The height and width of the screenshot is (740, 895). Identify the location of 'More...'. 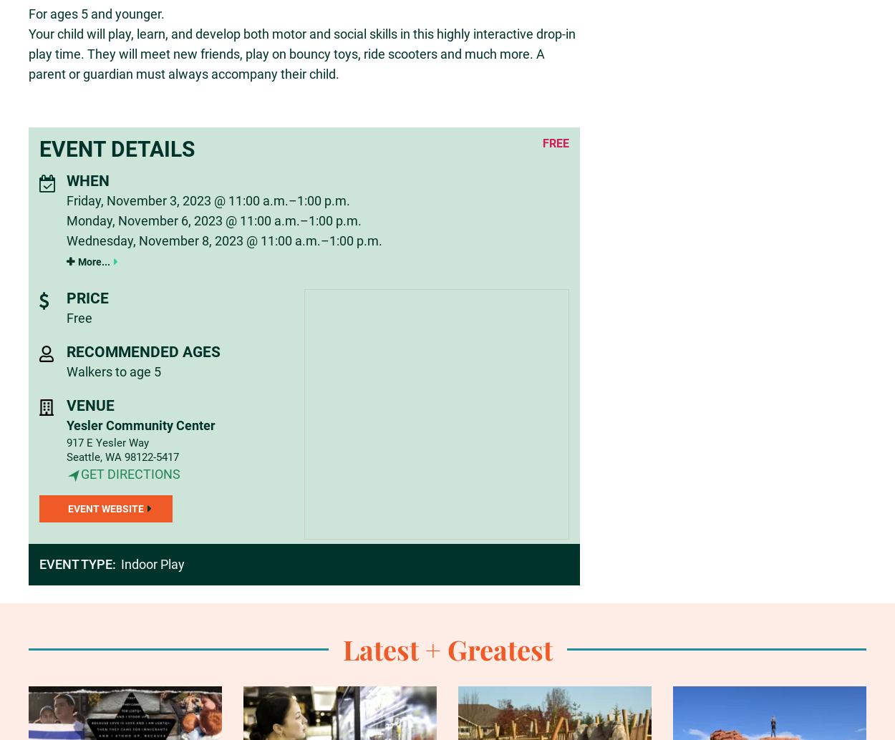
(93, 261).